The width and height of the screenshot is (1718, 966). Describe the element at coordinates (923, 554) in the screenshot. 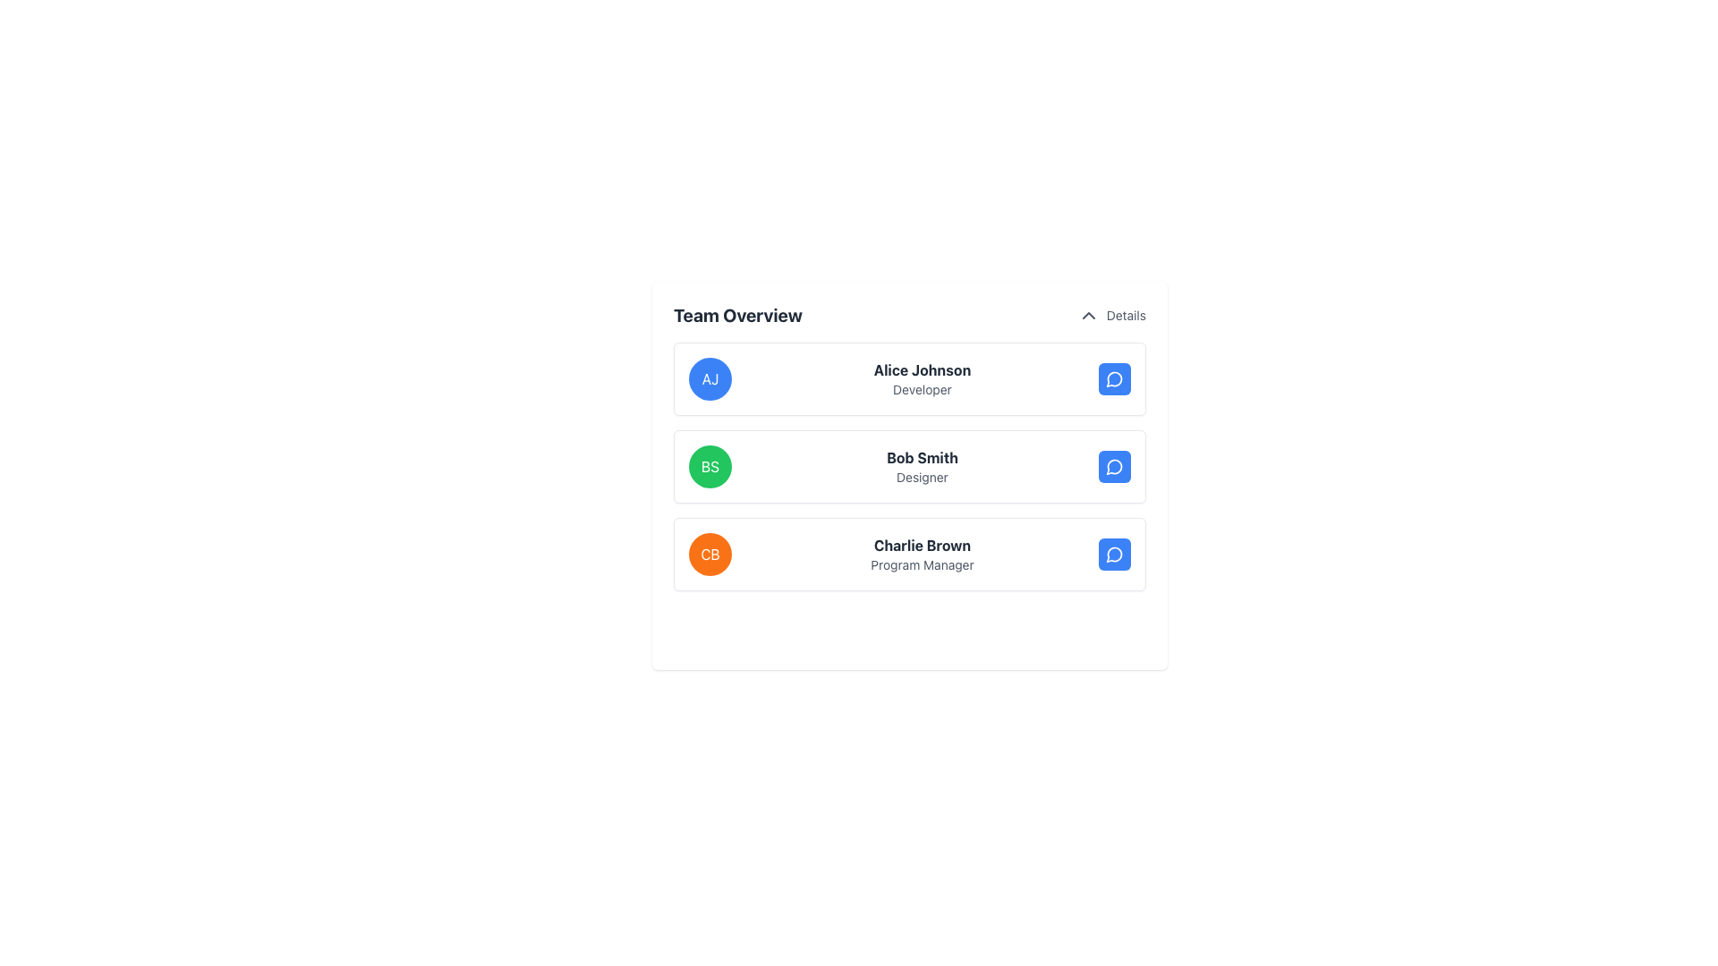

I see `the Text Display element that shows 'Charlie Brown' in bold and 'Program Manager' in a smaller font, located within a horizontal card layout` at that location.